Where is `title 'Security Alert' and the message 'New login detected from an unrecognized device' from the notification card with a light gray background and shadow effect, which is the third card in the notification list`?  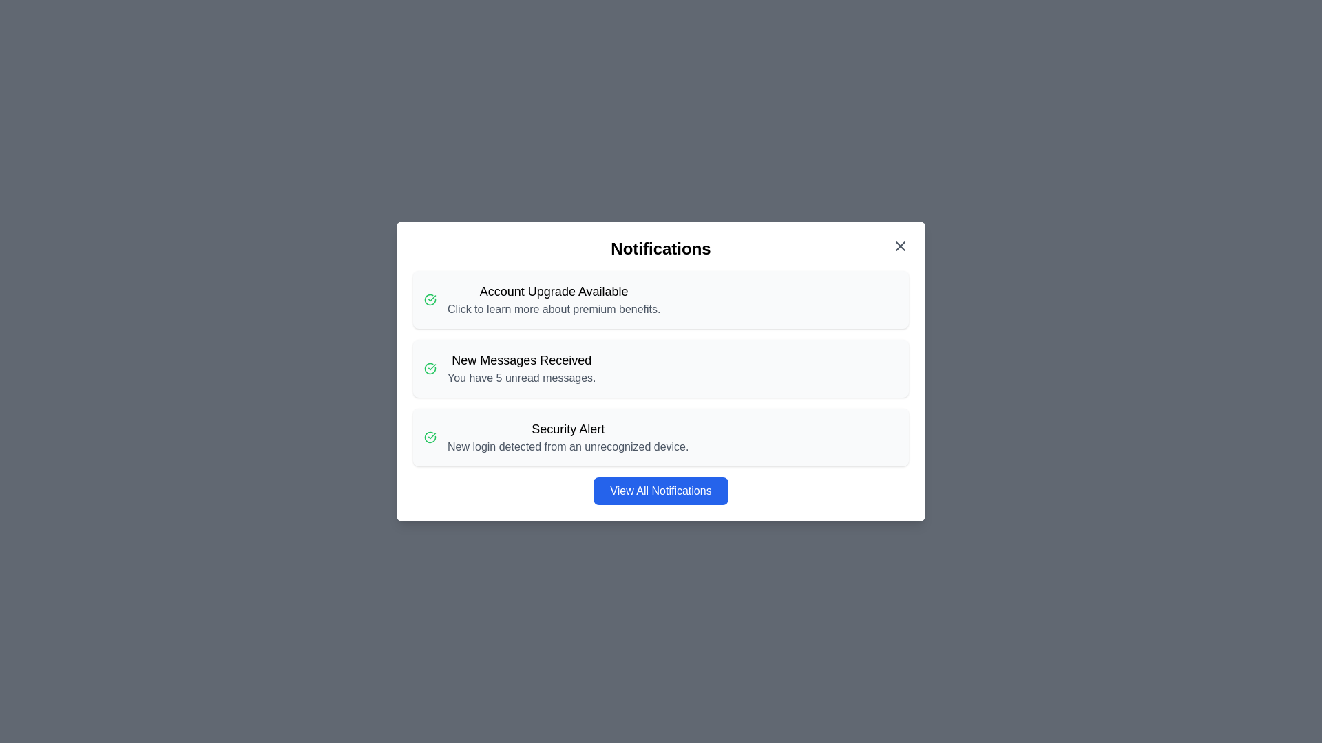 title 'Security Alert' and the message 'New login detected from an unrecognized device' from the notification card with a light gray background and shadow effect, which is the third card in the notification list is located at coordinates (661, 438).